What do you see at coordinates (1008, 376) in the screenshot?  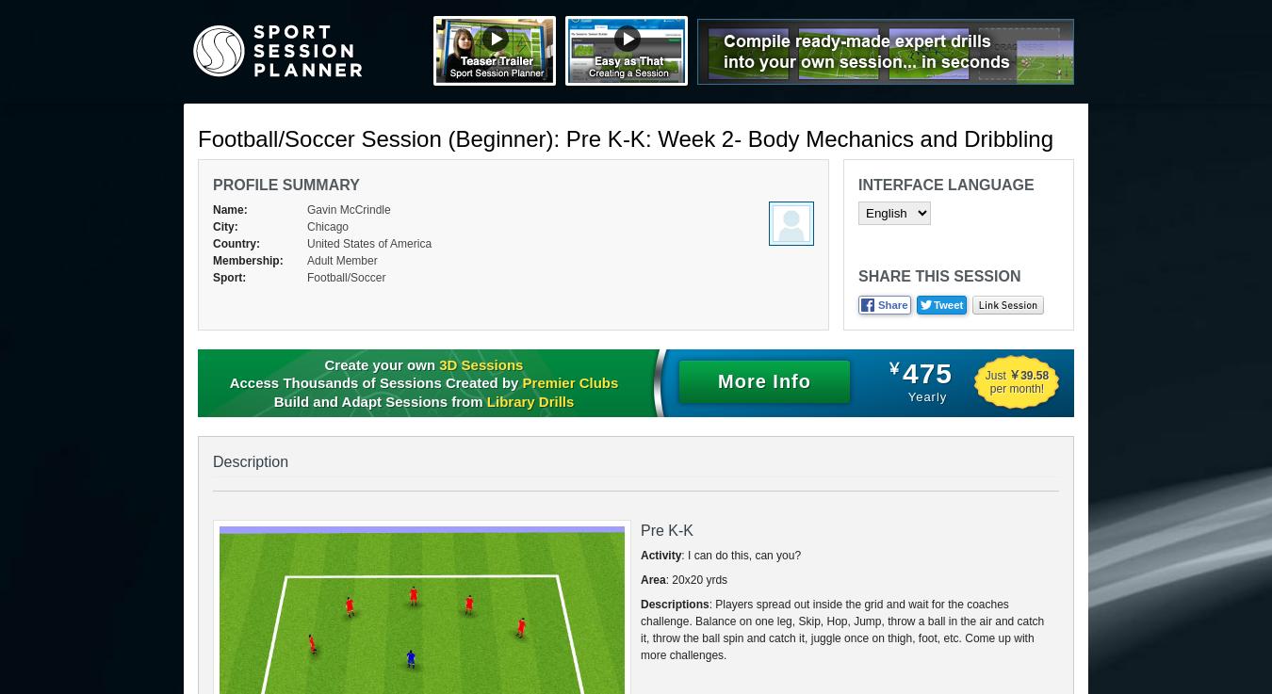 I see `'￥39.58'` at bounding box center [1008, 376].